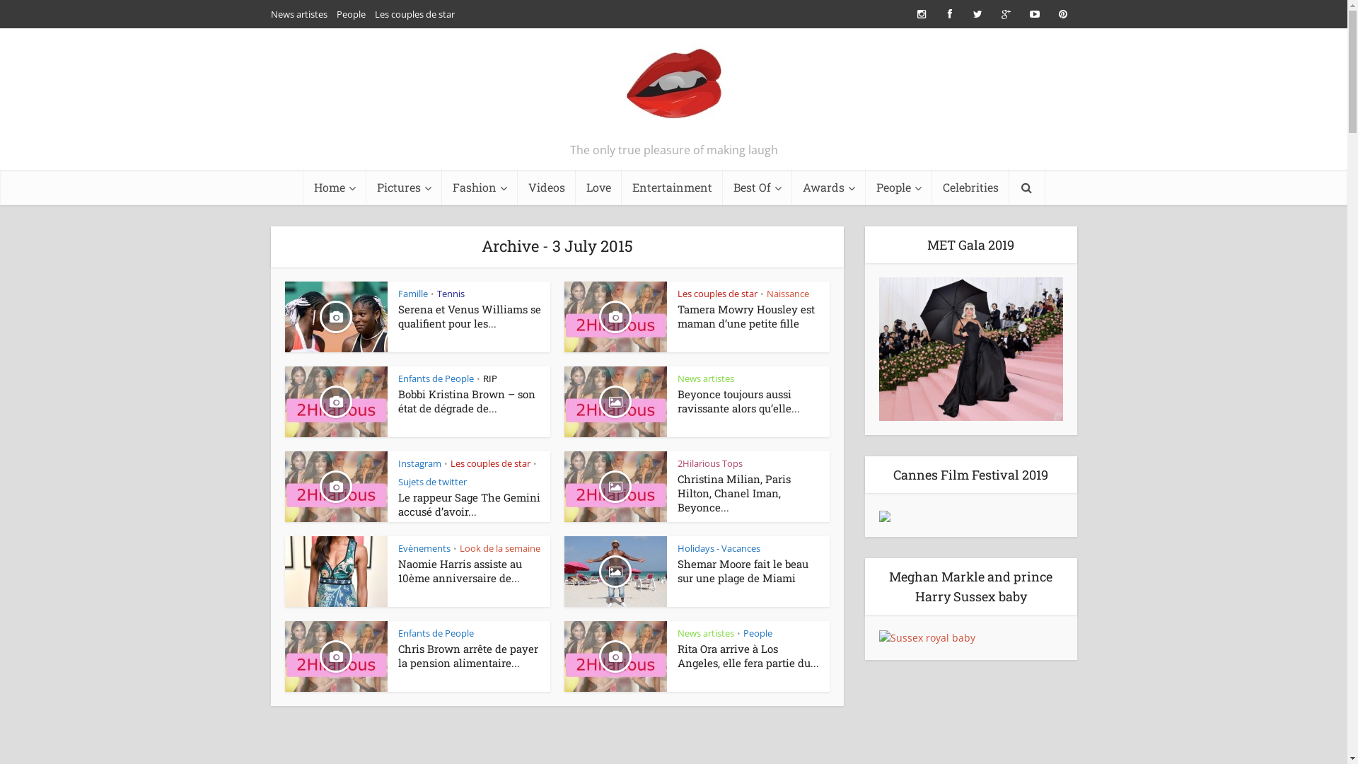 The width and height of the screenshot is (1358, 764). What do you see at coordinates (333, 187) in the screenshot?
I see `'Home'` at bounding box center [333, 187].